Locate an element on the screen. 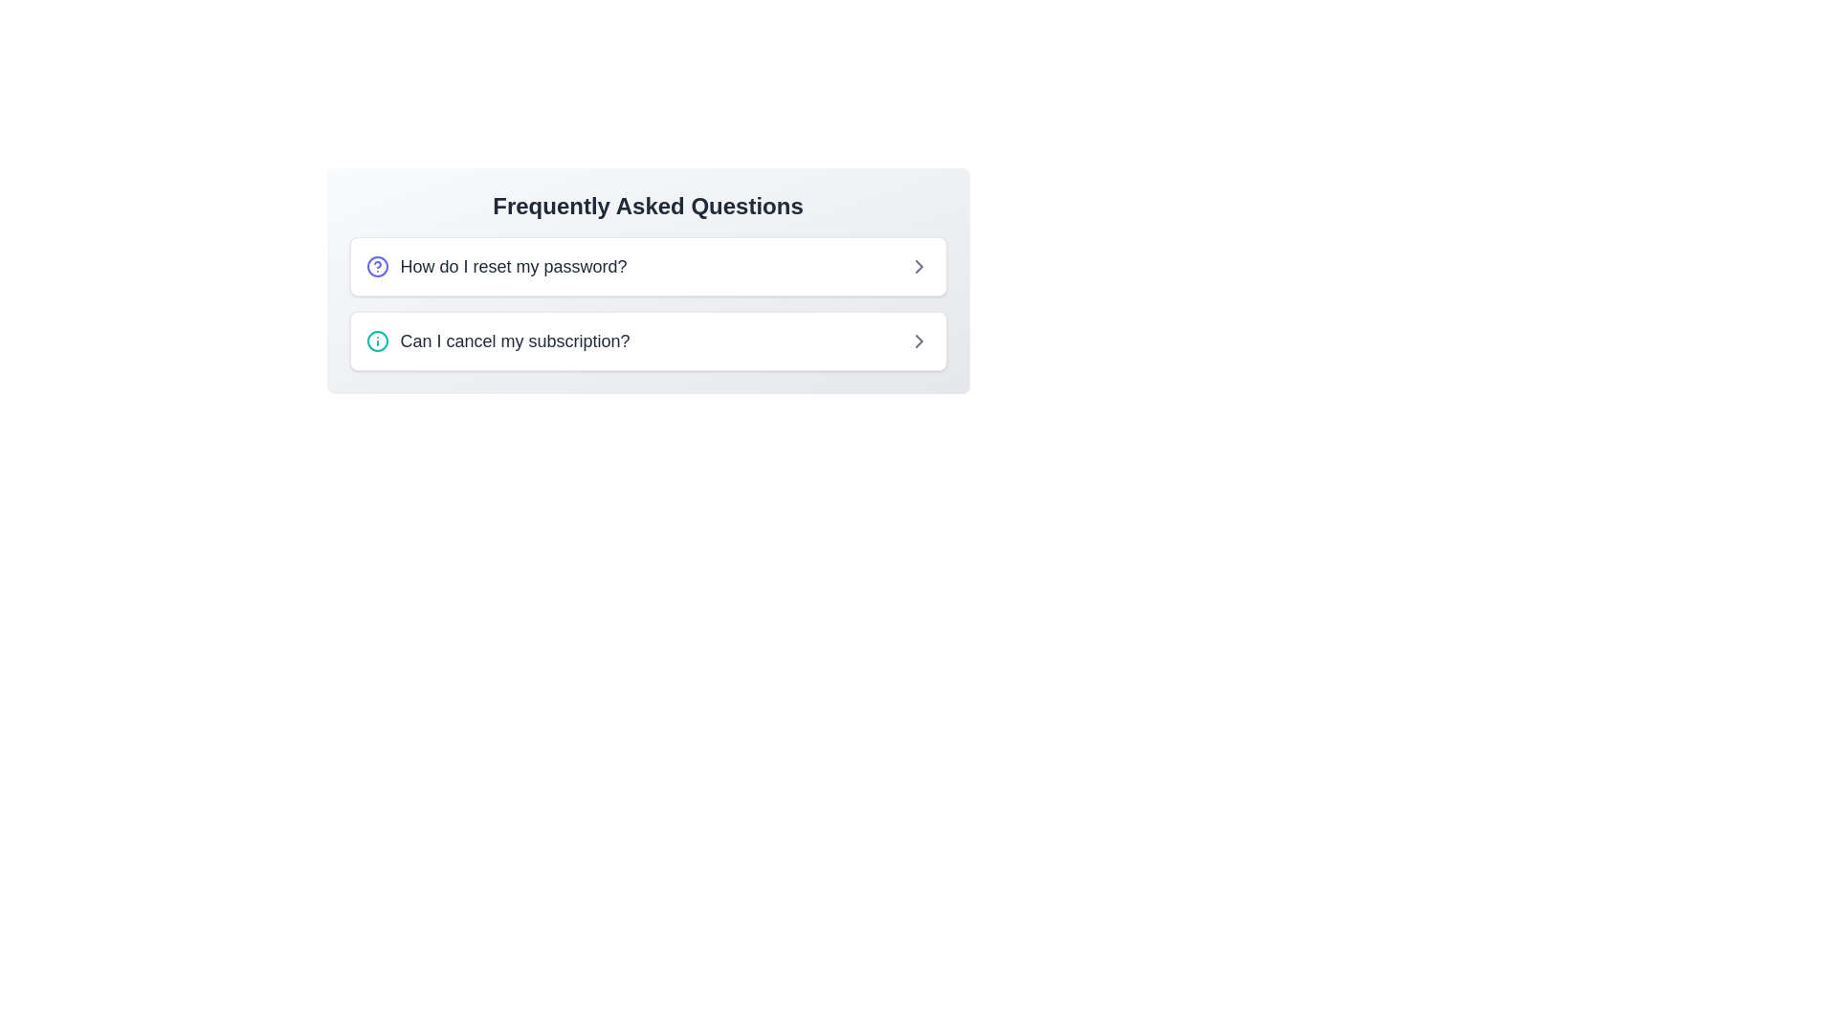 The height and width of the screenshot is (1033, 1837). the second item in the FAQ list is located at coordinates (648, 341).